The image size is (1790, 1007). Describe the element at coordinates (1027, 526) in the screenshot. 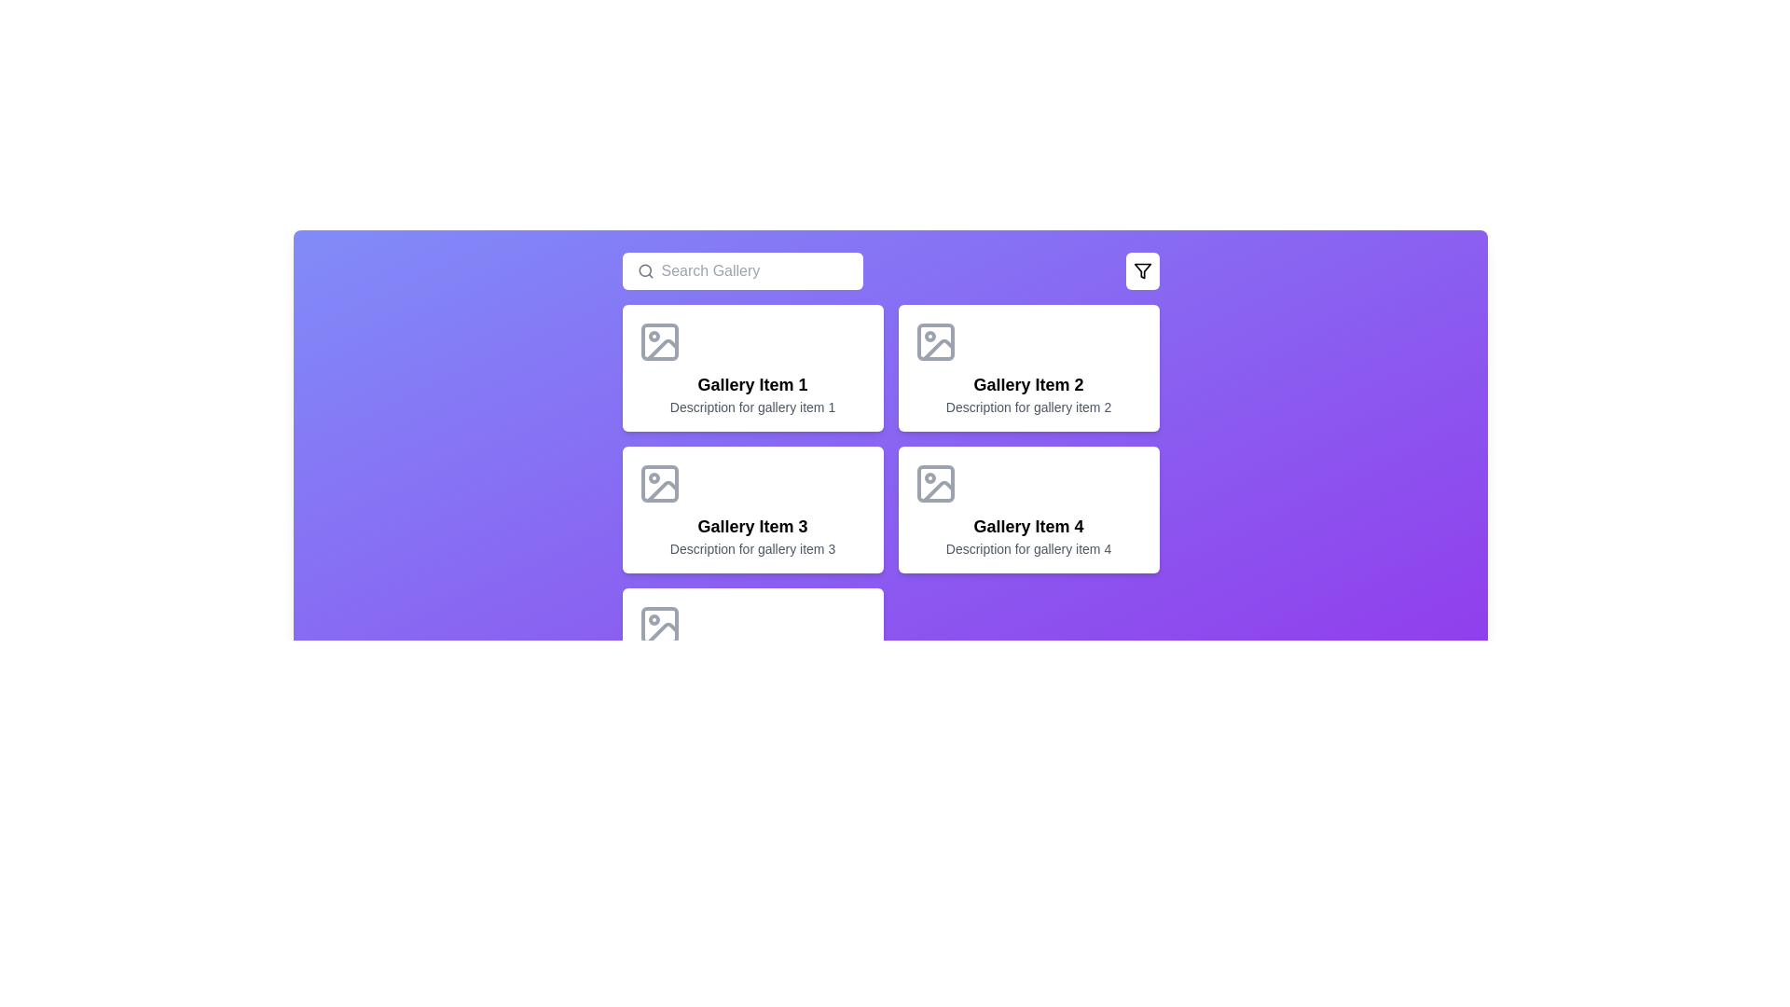

I see `the text label 'Gallery Item 4', which is bold and large, located above the description text in the fourth card from the left in the grid, to interact with the enclosing element` at that location.